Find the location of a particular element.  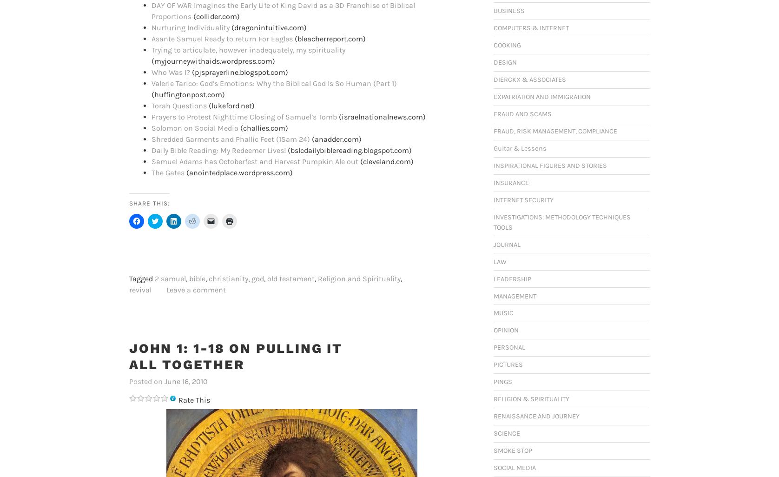

'Trying to articulate, however inadequately, my spirituality' is located at coordinates (248, 49).